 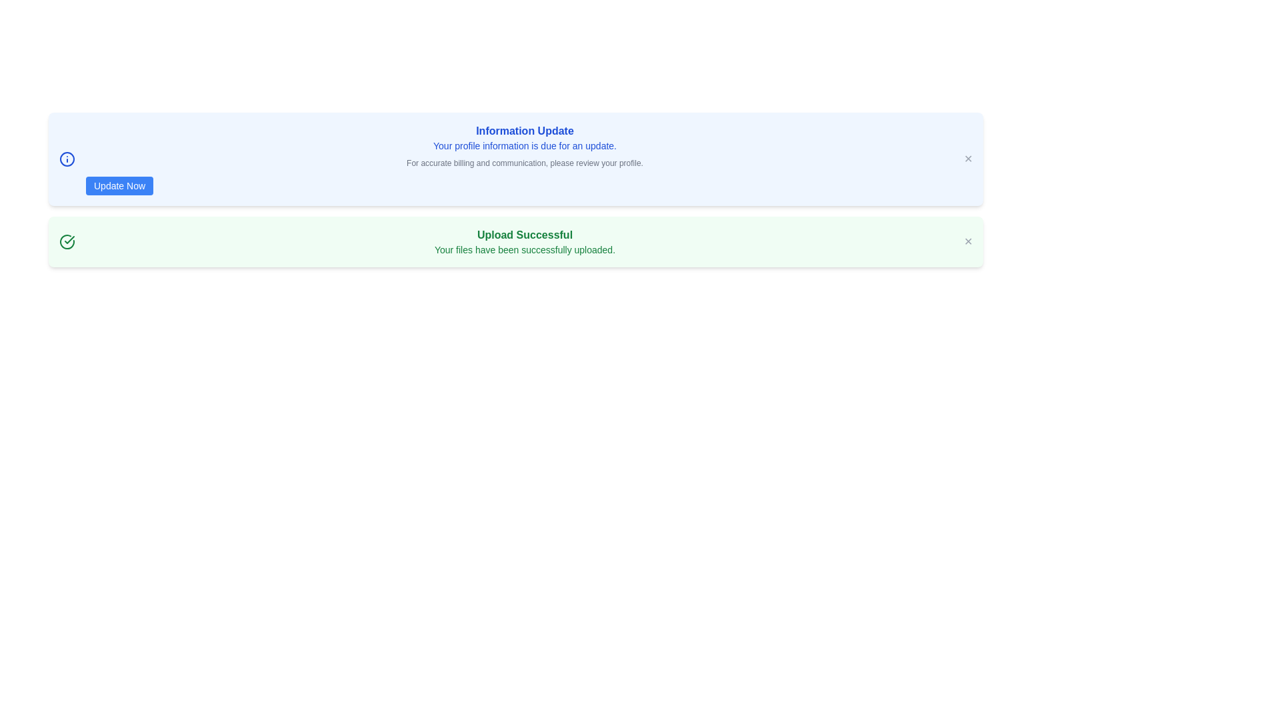 What do you see at coordinates (524, 249) in the screenshot?
I see `informational text element that contains the message 'Your files have been successfully uploaded.' which is styled in light green and positioned below the 'Upload Successful' heading` at bounding box center [524, 249].